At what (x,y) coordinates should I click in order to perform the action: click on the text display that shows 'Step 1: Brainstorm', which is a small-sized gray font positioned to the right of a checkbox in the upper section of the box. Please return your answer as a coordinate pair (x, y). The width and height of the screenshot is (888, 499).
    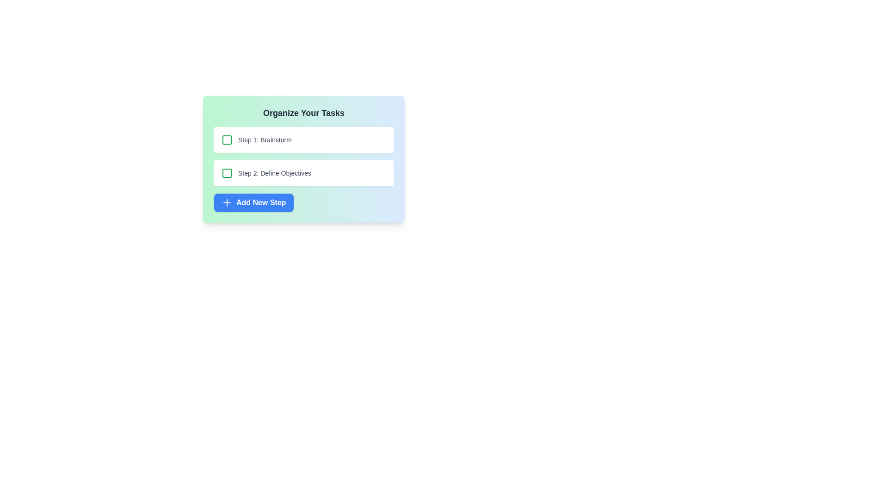
    Looking at the image, I should click on (264, 140).